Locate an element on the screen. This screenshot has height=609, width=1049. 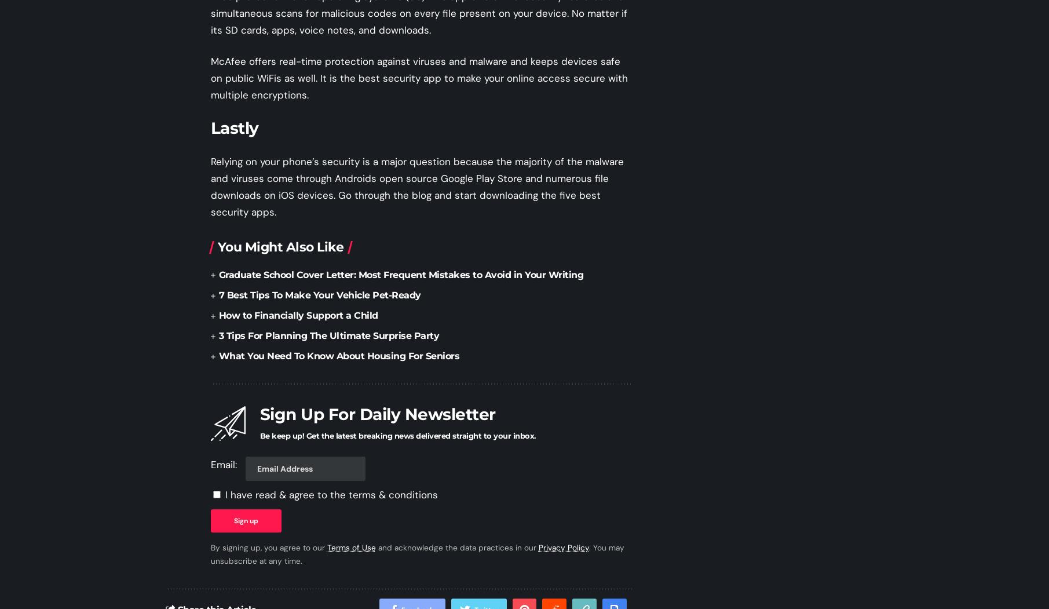
'Sign Up For Daily Newsletter' is located at coordinates (377, 413).